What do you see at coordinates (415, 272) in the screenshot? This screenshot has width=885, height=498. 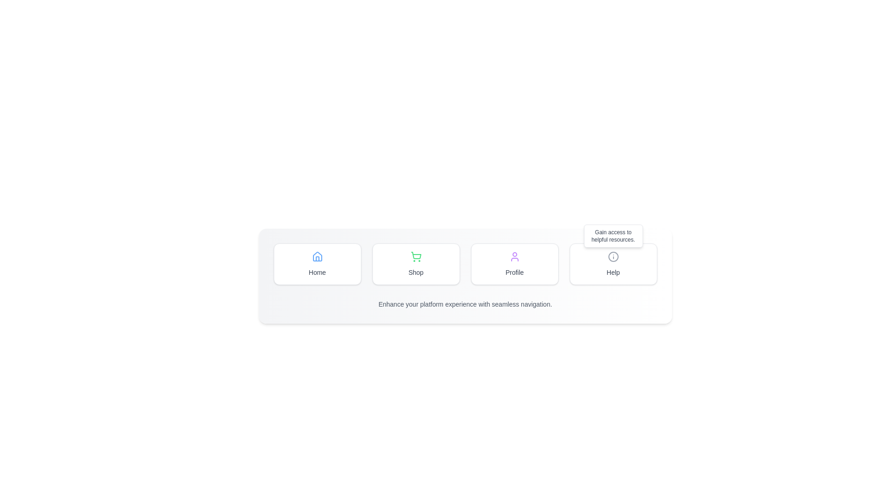 I see `the text label located directly below the green shopping cart icon in the second group of horizontally aligned sections, which is between the 'Home' and 'Profile' sections` at bounding box center [415, 272].